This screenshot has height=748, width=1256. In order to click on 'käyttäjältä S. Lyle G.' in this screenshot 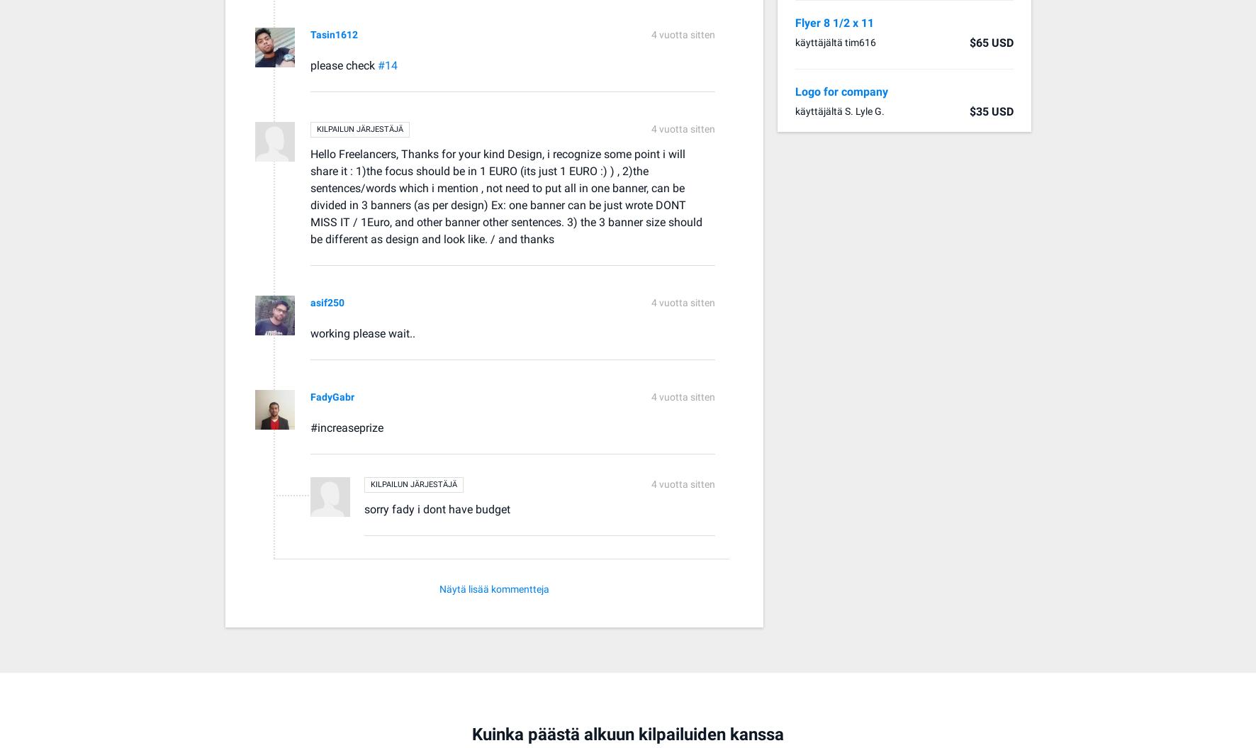, I will do `click(839, 111)`.